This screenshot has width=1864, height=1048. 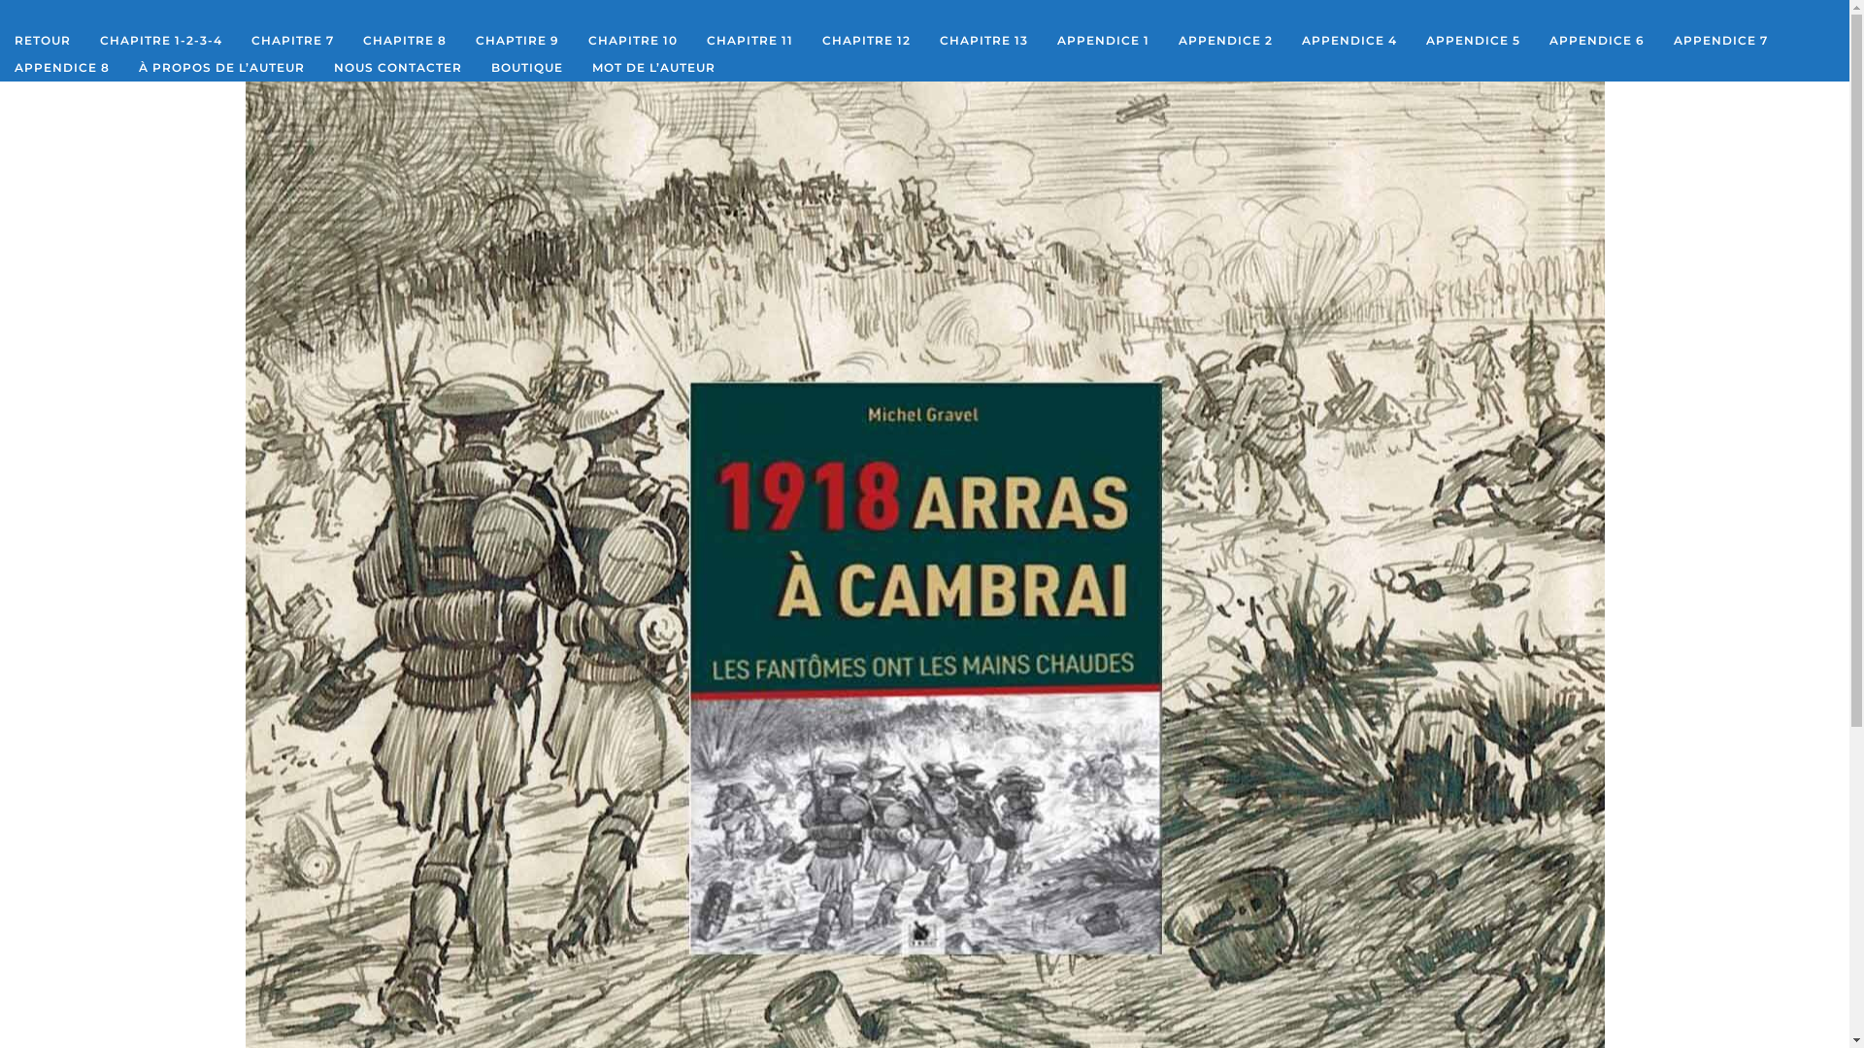 What do you see at coordinates (924, 41) in the screenshot?
I see `'CHAPITRE 13'` at bounding box center [924, 41].